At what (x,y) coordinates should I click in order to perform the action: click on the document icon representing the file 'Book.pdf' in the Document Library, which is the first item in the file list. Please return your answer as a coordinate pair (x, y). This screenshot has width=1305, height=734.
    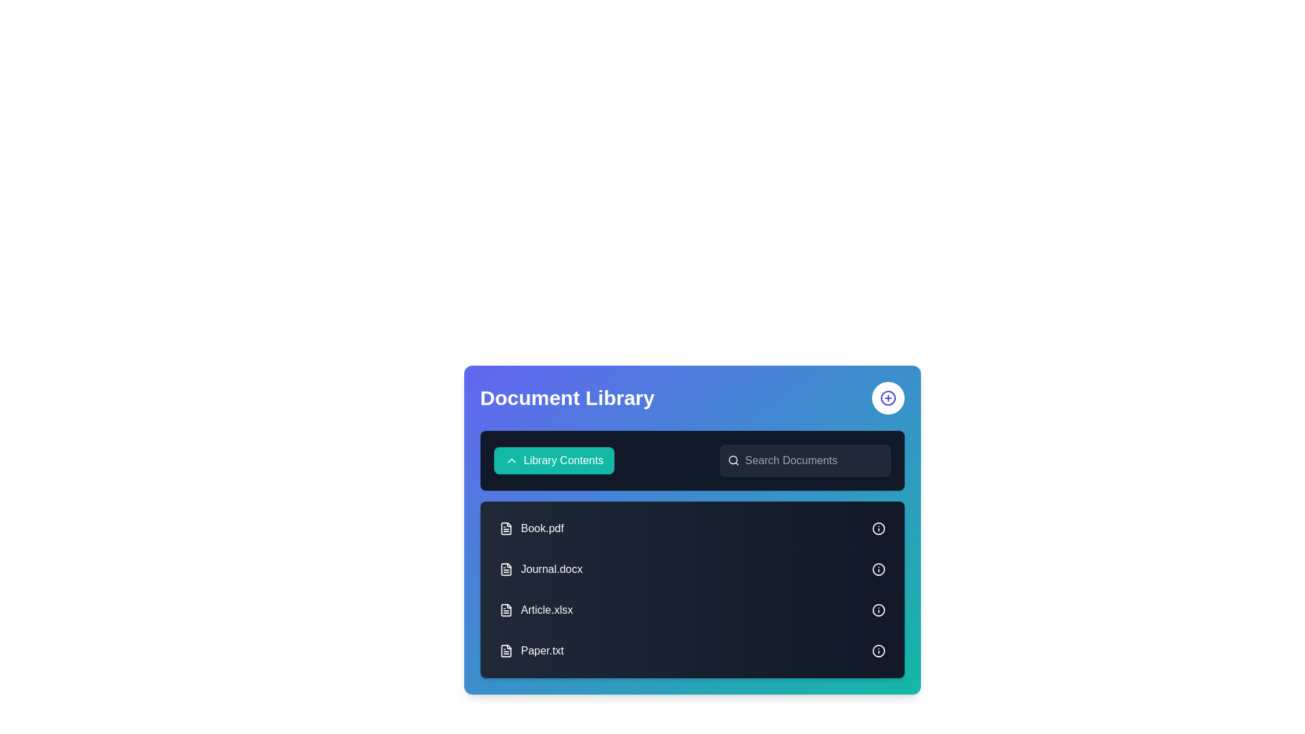
    Looking at the image, I should click on (505, 528).